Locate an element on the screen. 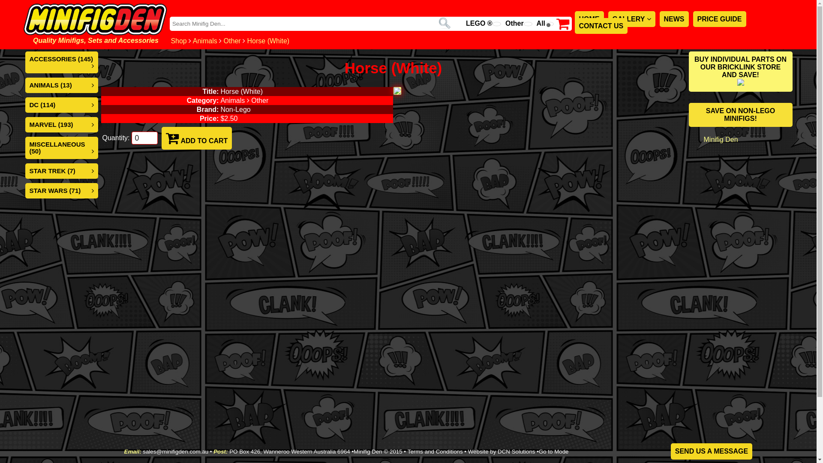  'ACCESSORIES (145)' is located at coordinates (60, 58).